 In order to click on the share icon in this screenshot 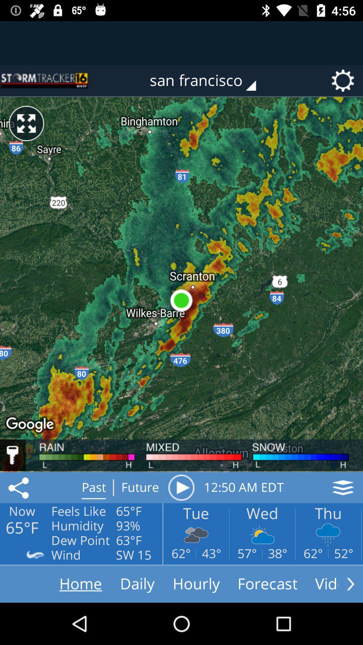, I will do `click(19, 487)`.